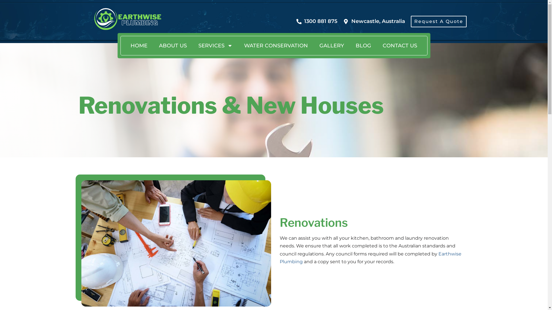  Describe the element at coordinates (317, 21) in the screenshot. I see `'1300 881 875'` at that location.